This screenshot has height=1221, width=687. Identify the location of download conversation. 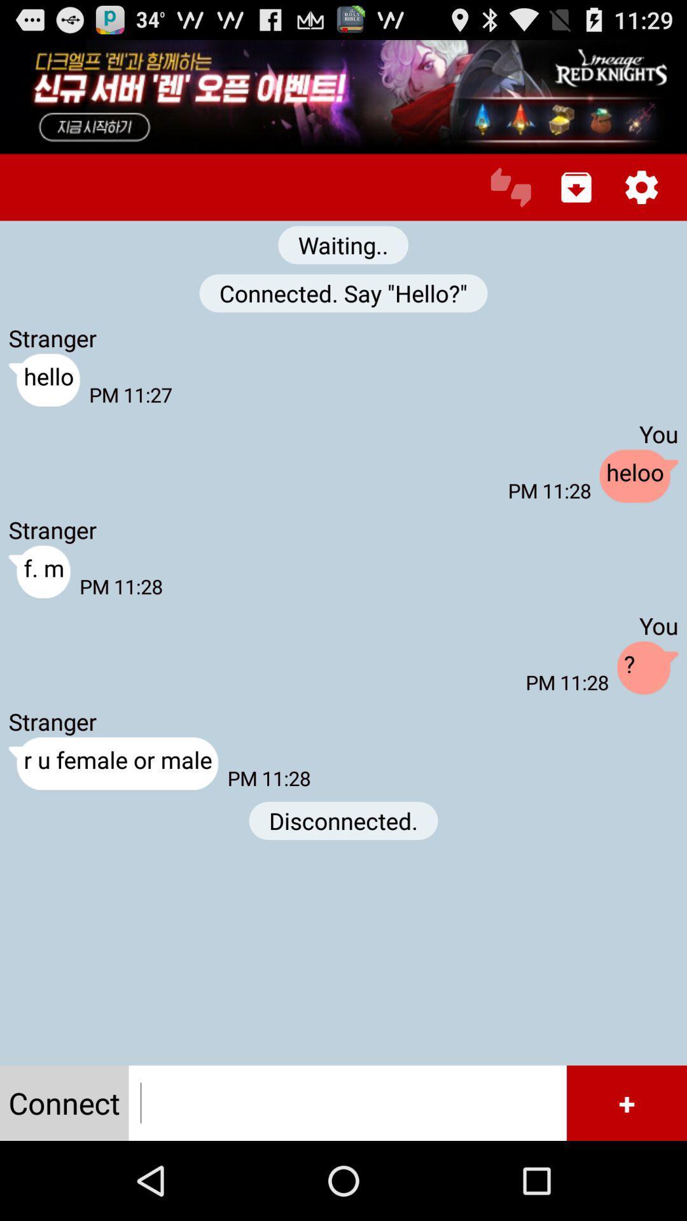
(576, 186).